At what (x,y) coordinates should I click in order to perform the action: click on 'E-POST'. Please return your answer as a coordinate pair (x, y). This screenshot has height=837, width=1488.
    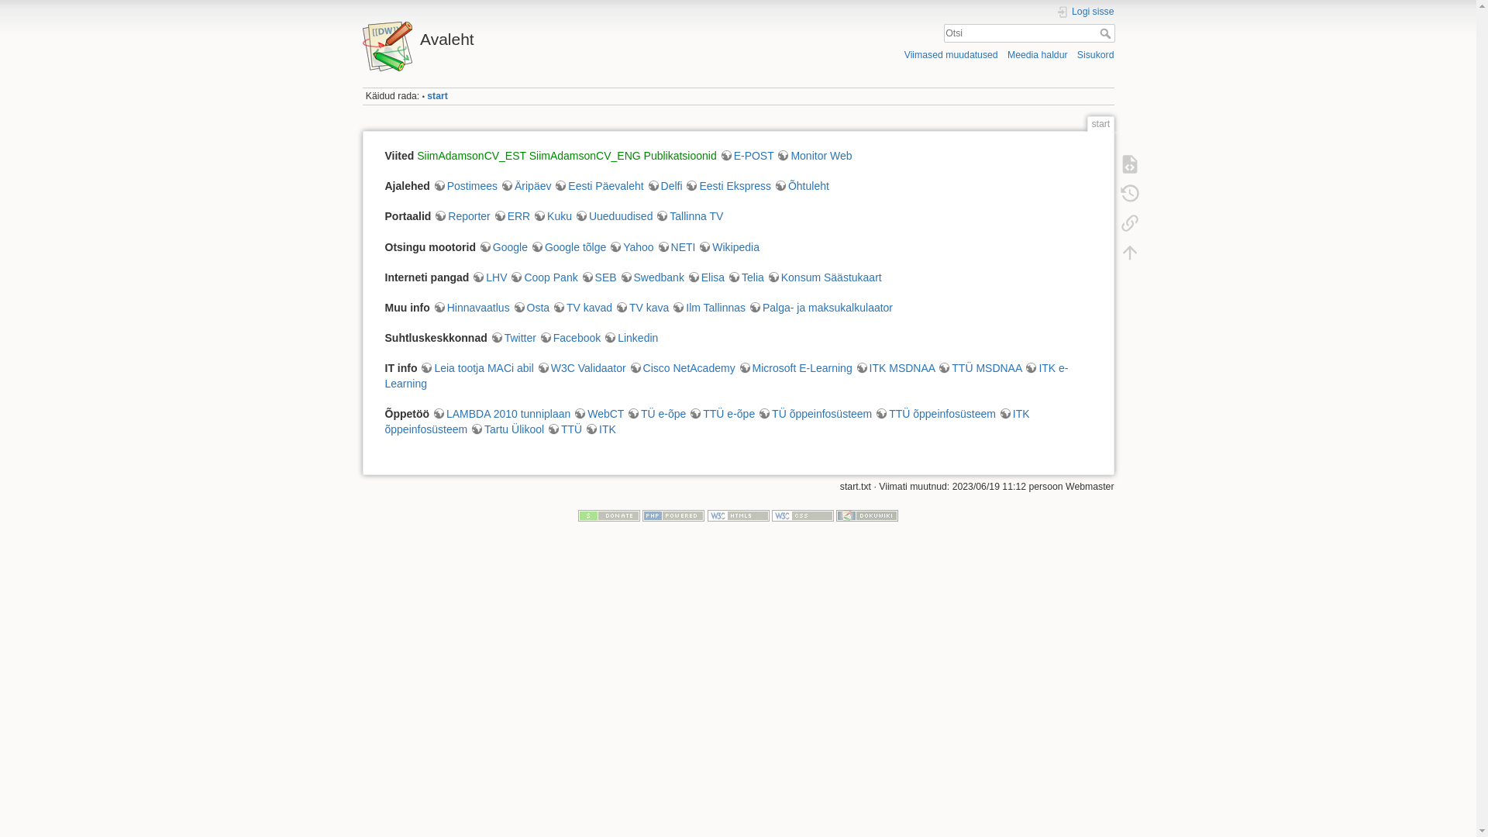
    Looking at the image, I should click on (747, 155).